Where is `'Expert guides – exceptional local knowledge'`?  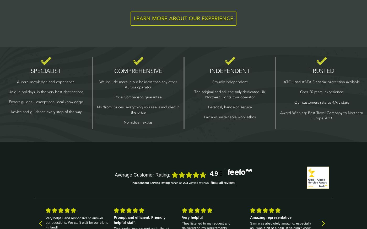
'Expert guides – exceptional local knowledge' is located at coordinates (46, 101).